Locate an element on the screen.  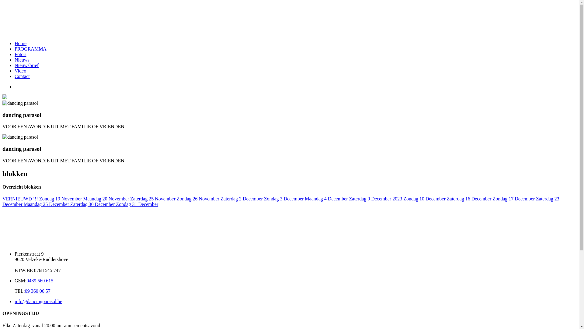
'VERNIEUWD !!!' is located at coordinates (21, 199).